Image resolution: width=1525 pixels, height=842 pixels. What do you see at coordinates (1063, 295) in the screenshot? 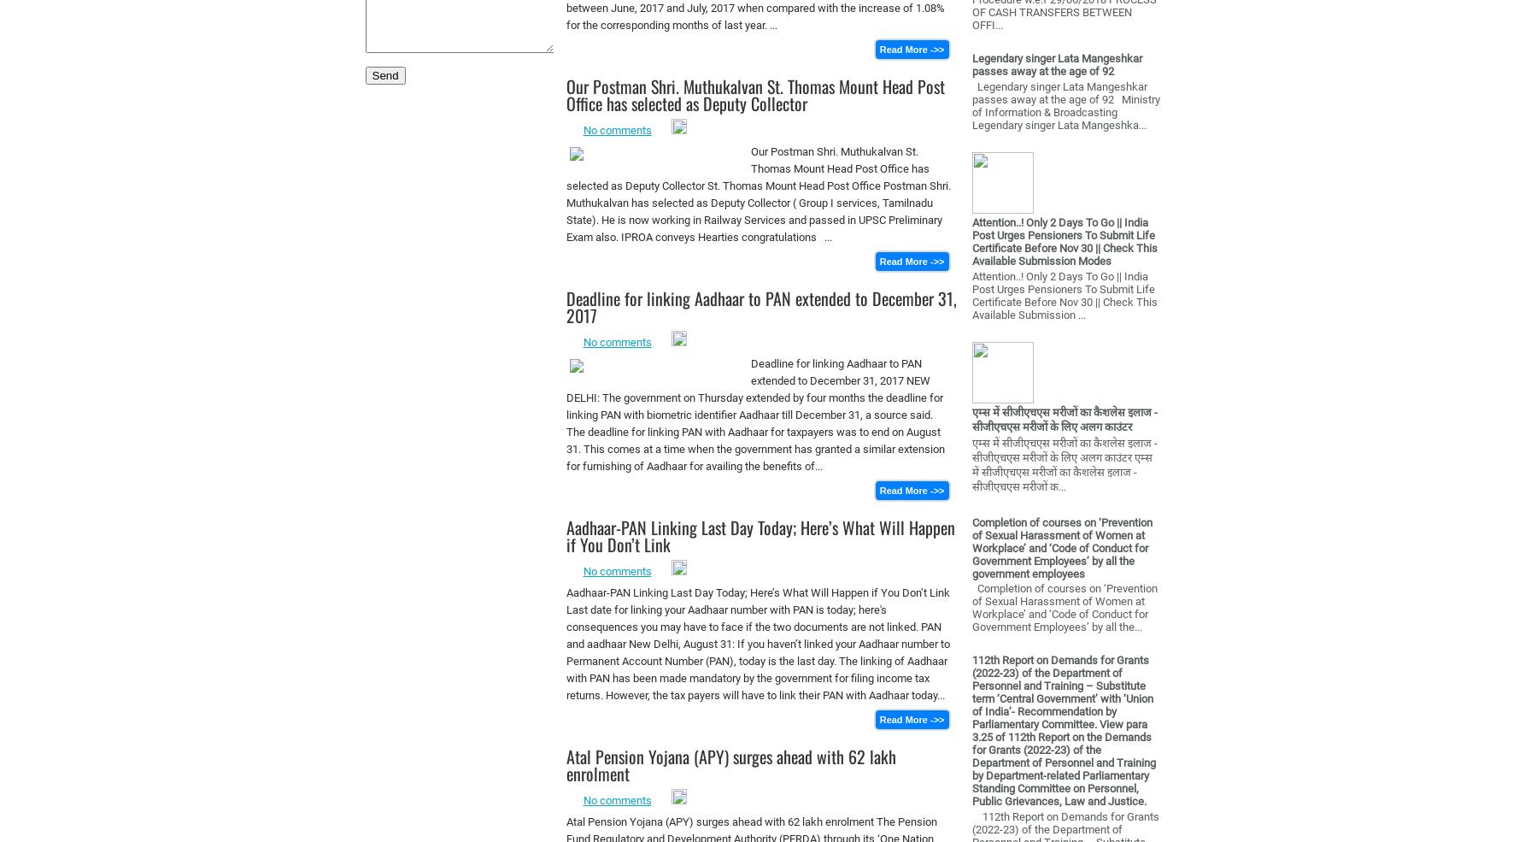
I see `'Attention..! Only 2 Days To Go || India Post Urges Pensioners To Submit Life Certificate Before Nov 30 || Check This Available Submission ...'` at bounding box center [1063, 295].